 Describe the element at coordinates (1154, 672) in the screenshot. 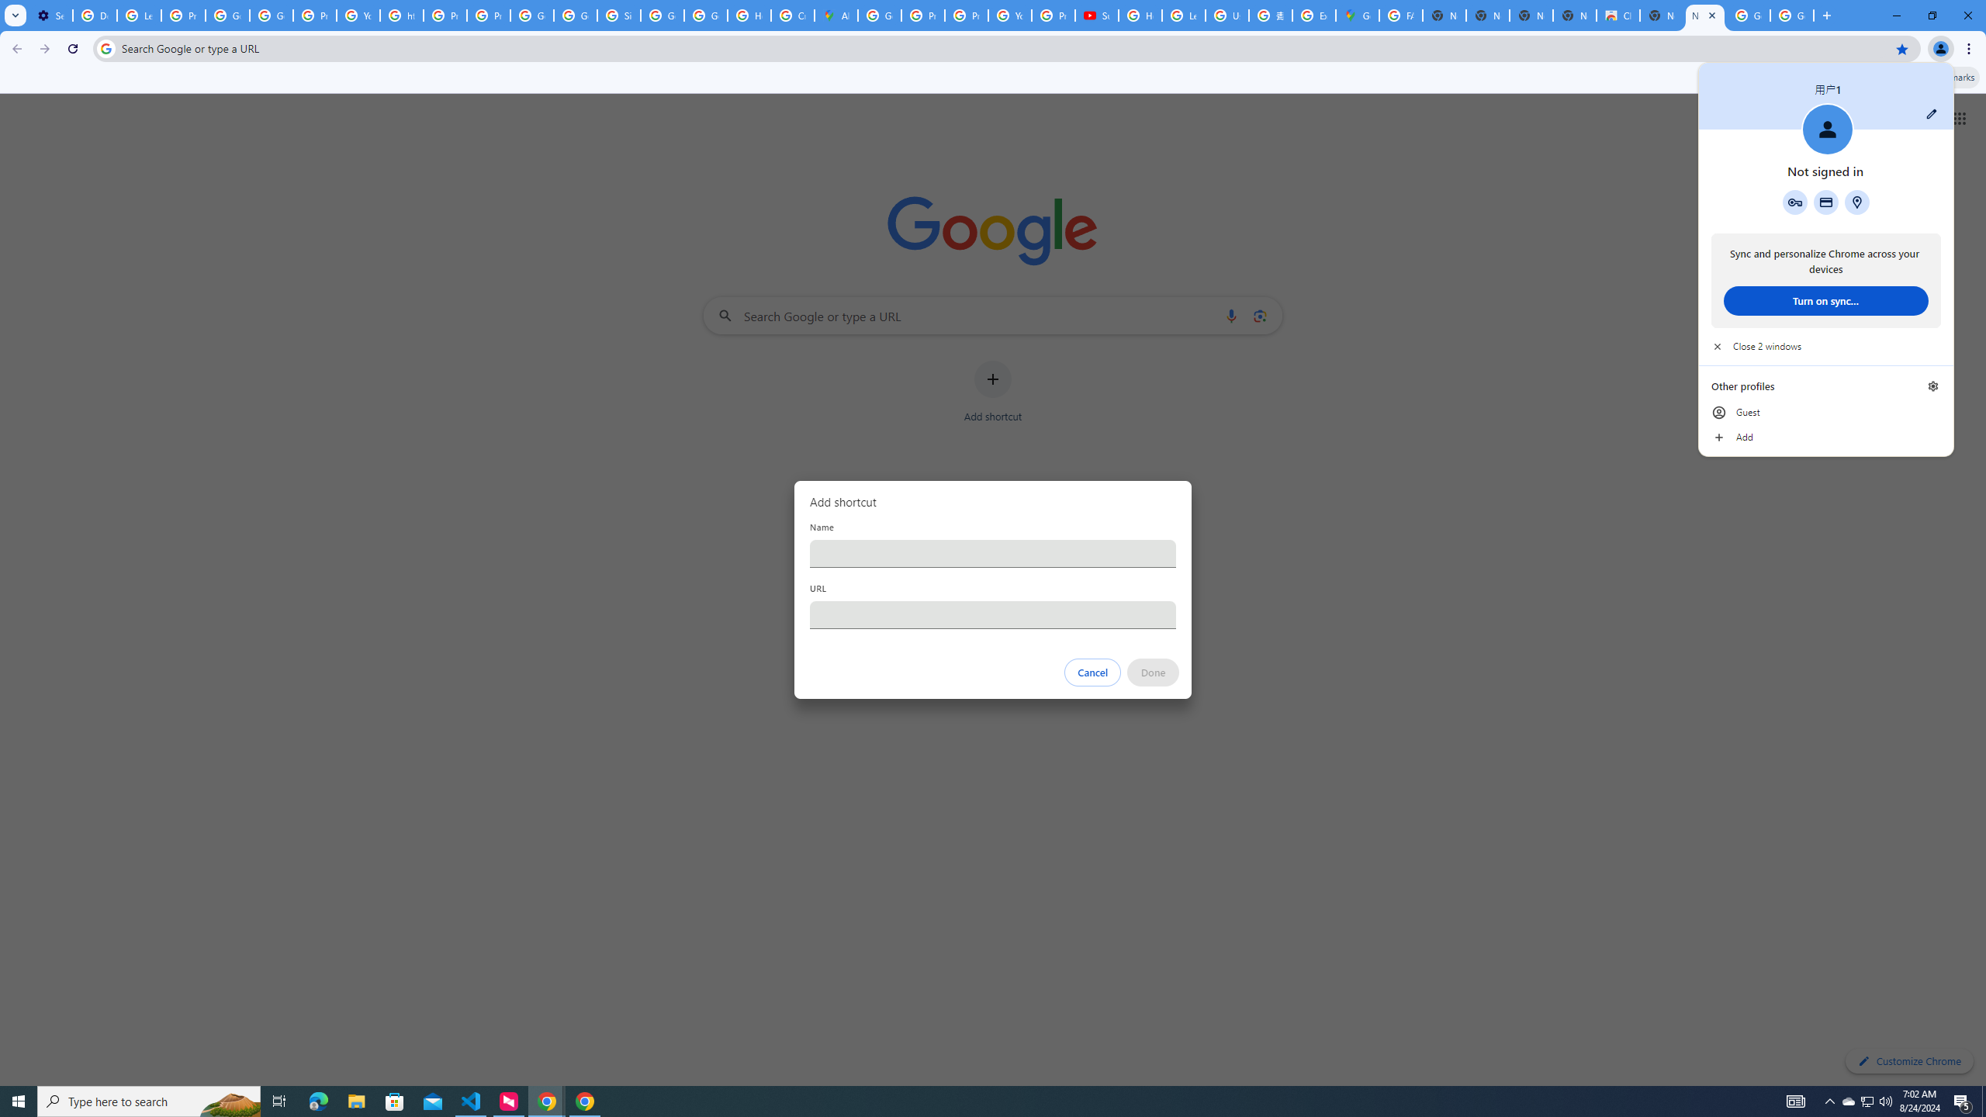

I see `'Done'` at that location.